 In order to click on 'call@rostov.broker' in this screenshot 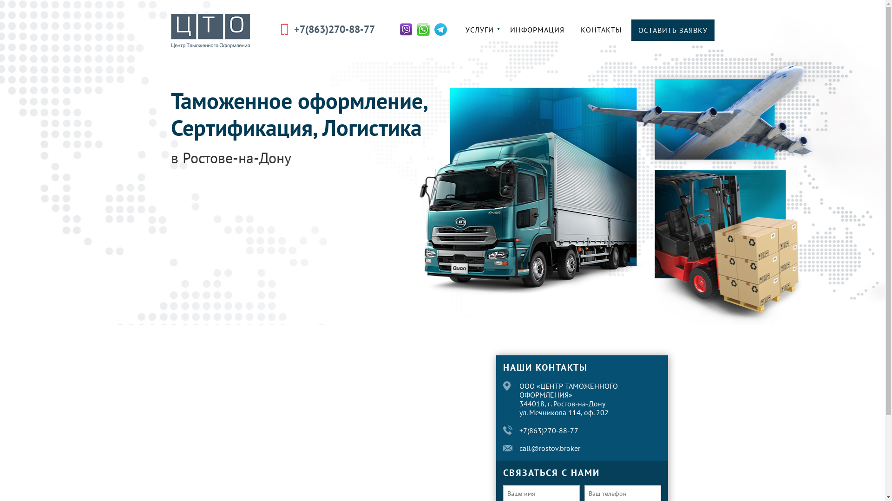, I will do `click(519, 447)`.